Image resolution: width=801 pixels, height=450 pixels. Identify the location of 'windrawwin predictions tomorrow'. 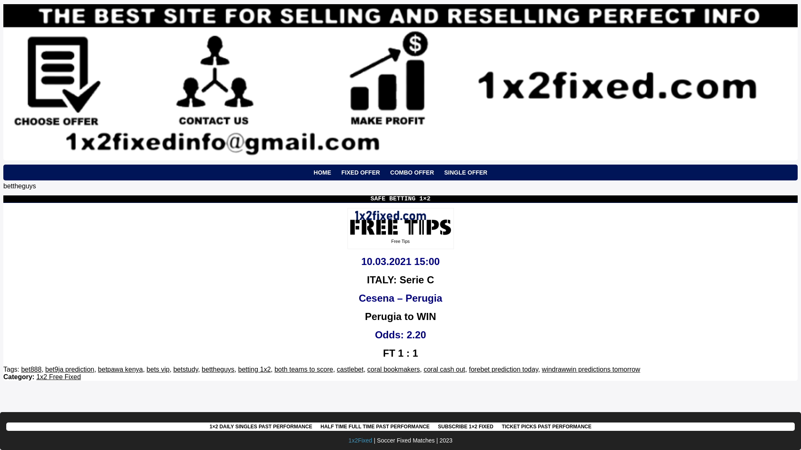
(590, 369).